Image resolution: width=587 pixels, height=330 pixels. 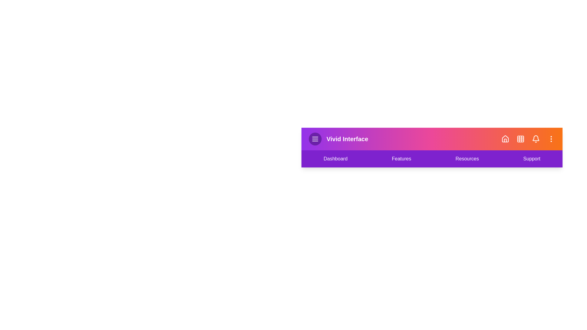 I want to click on the Resources navigation link, so click(x=467, y=159).